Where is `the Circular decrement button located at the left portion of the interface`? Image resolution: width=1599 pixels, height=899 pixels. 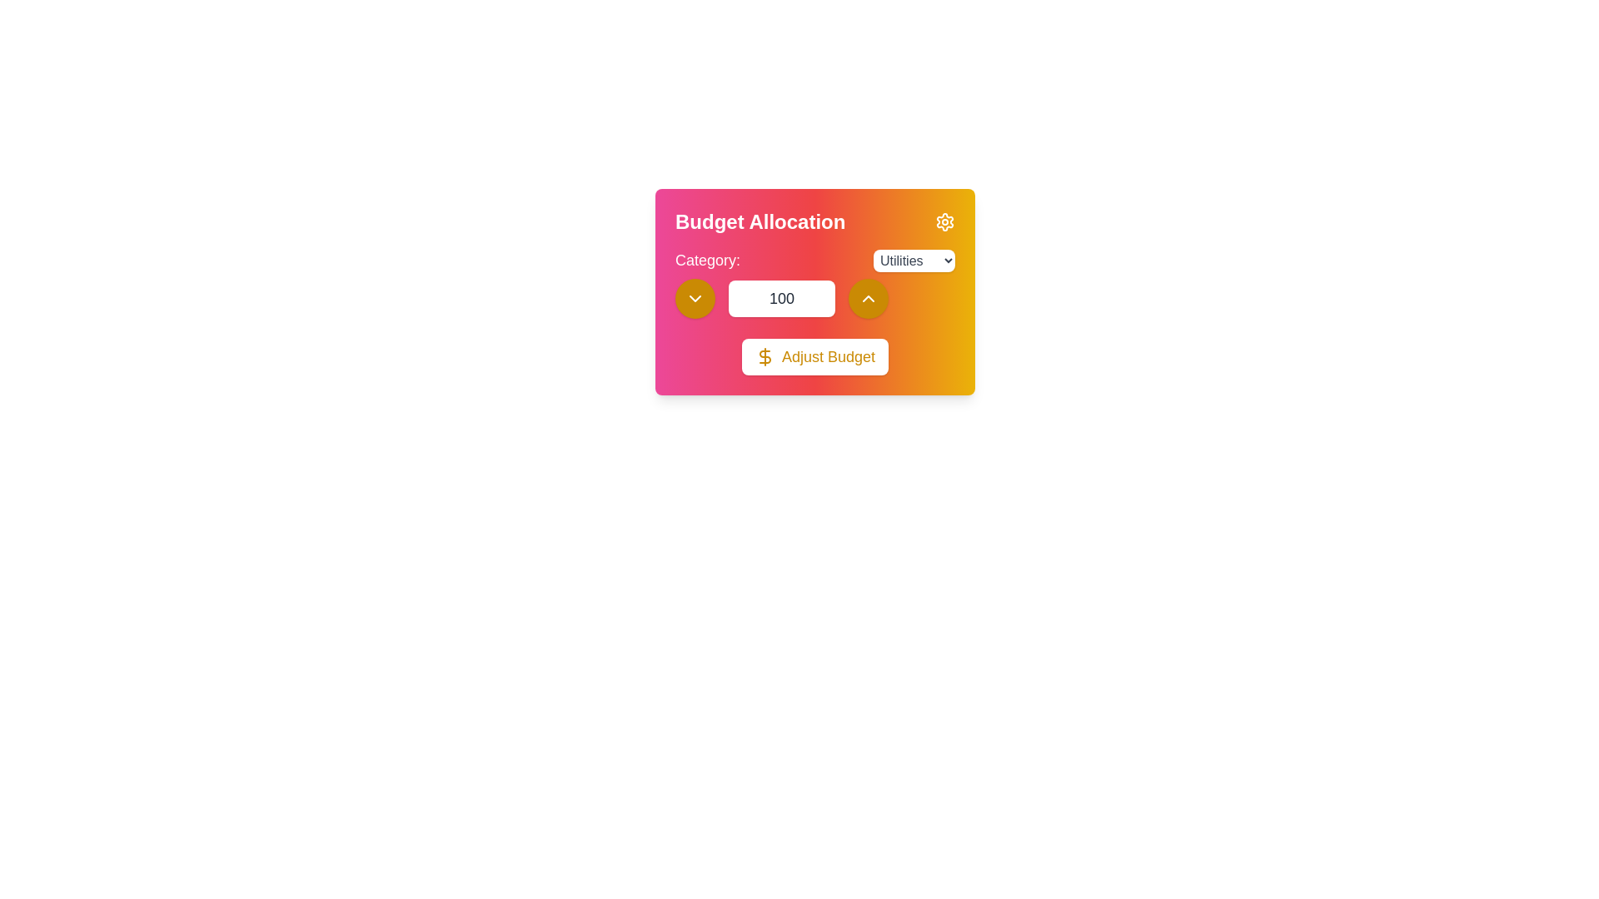
the Circular decrement button located at the left portion of the interface is located at coordinates (695, 297).